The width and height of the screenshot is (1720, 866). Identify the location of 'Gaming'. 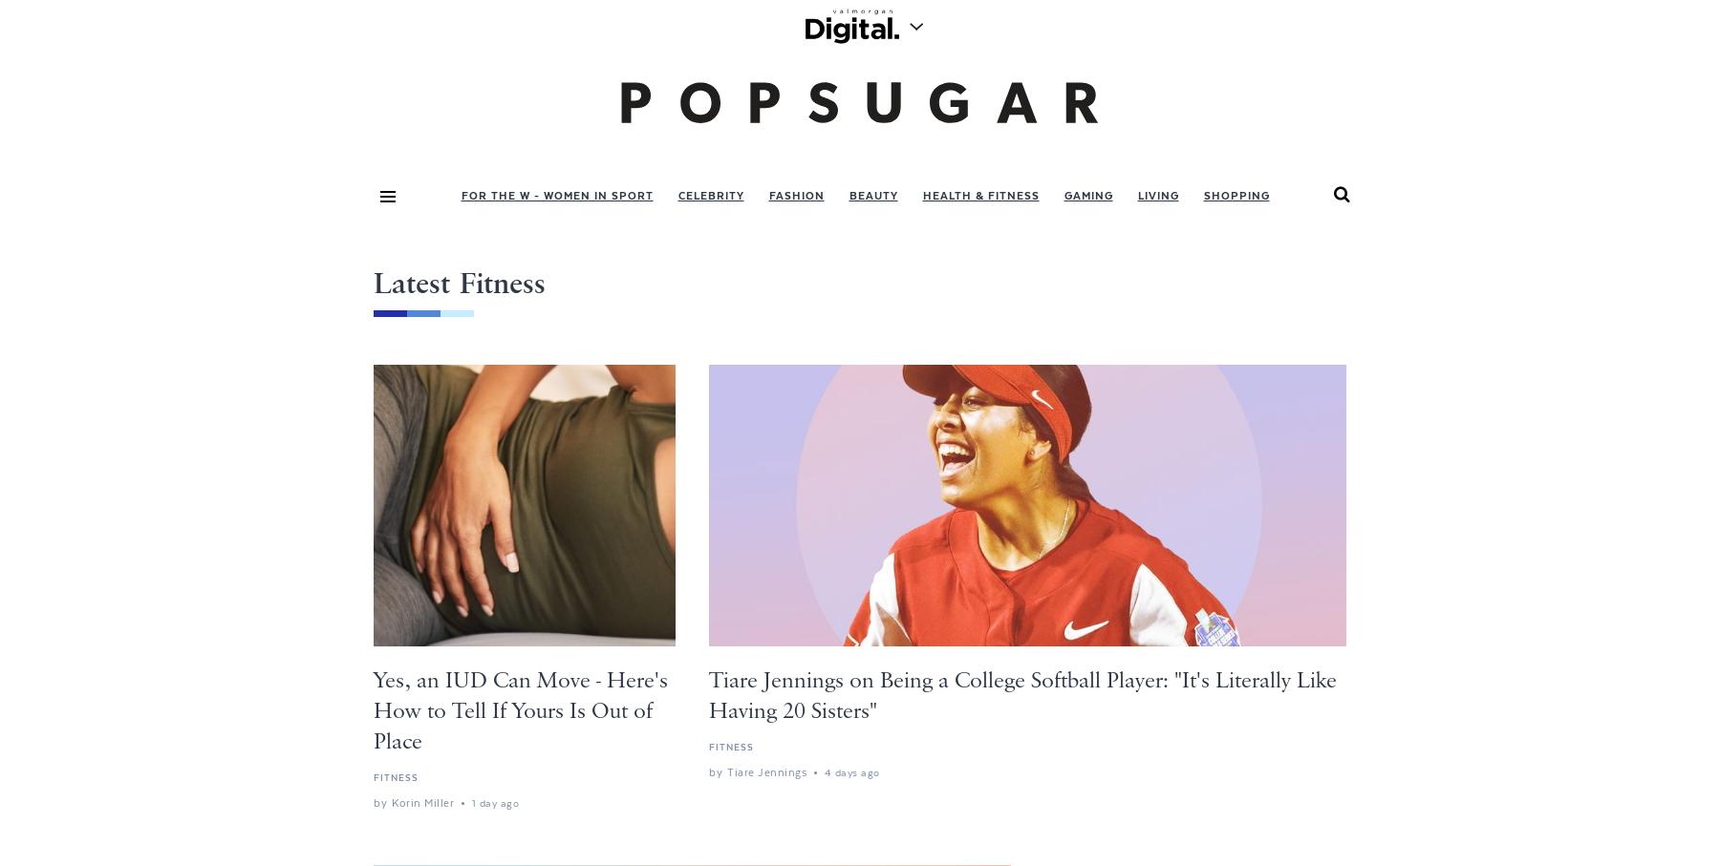
(1086, 194).